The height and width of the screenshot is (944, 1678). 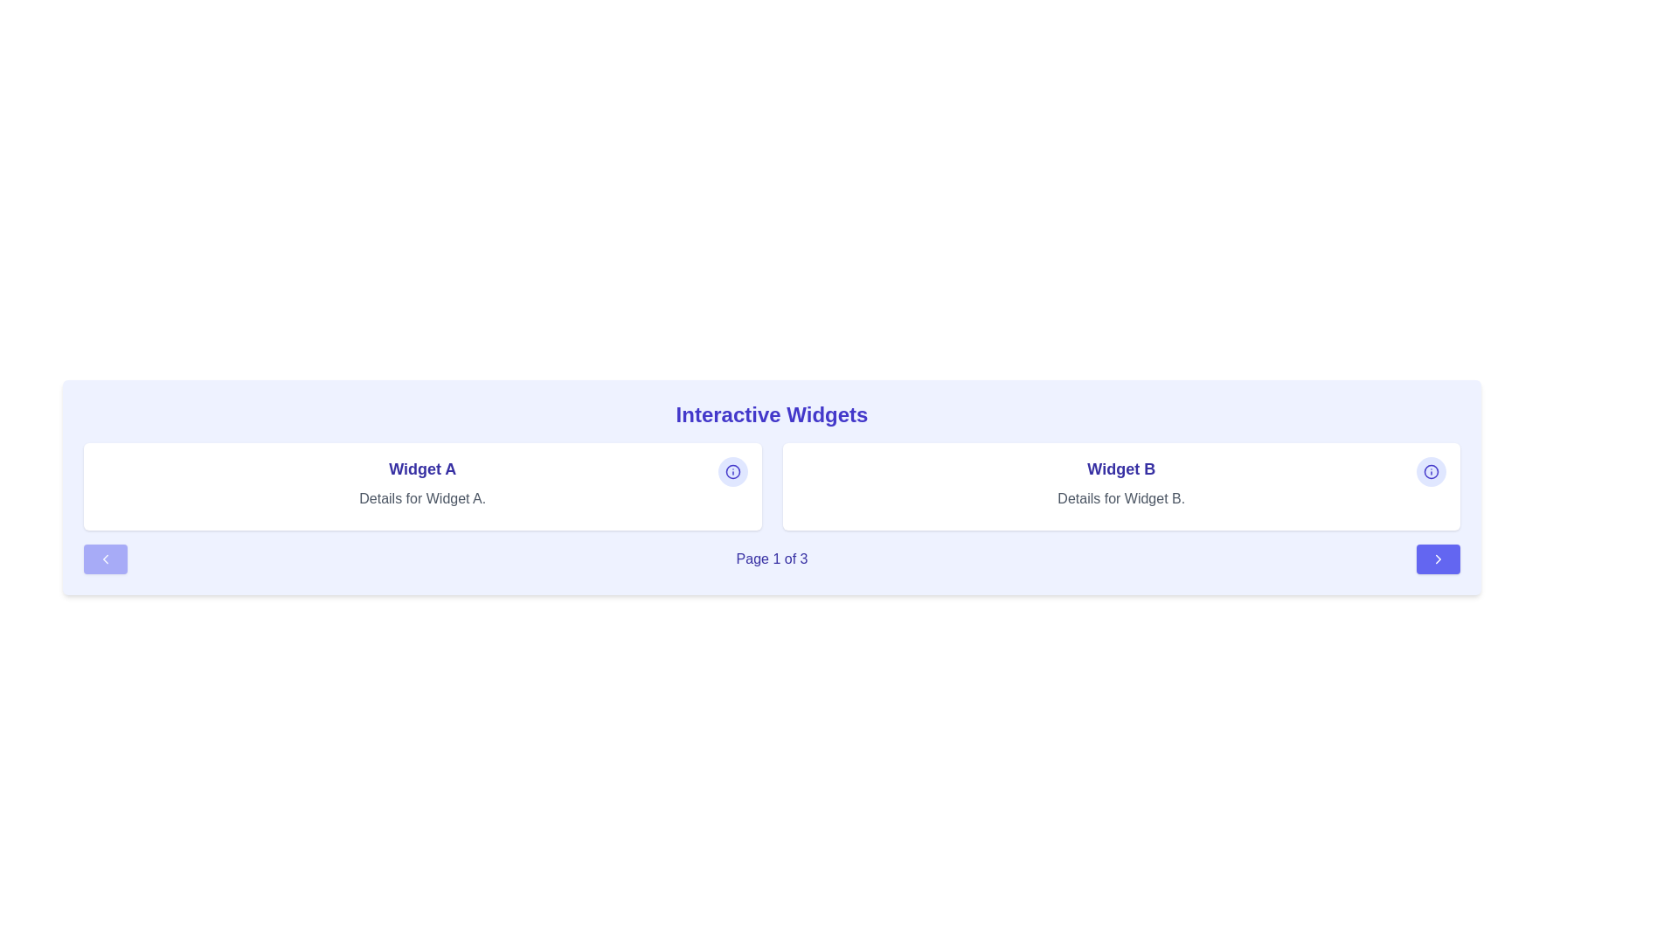 I want to click on the rectangular button with rounded corners and a vivid indigo background containing a right-pointing chevron icon, so click(x=1439, y=559).